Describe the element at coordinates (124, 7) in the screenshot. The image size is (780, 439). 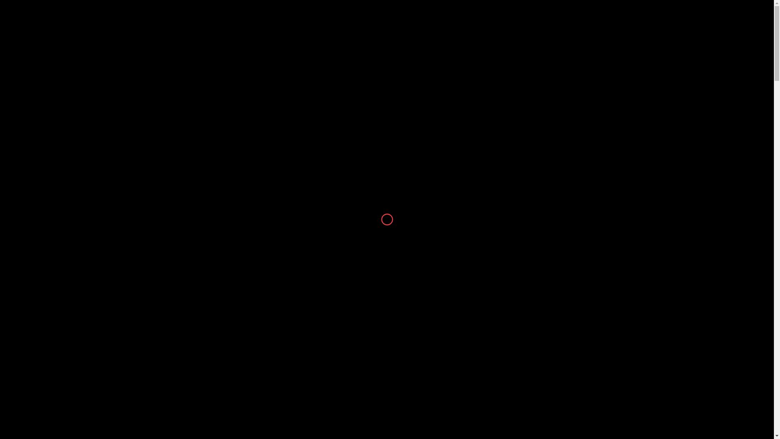
I see `'helpline@voguebyprince.com.bd'` at that location.